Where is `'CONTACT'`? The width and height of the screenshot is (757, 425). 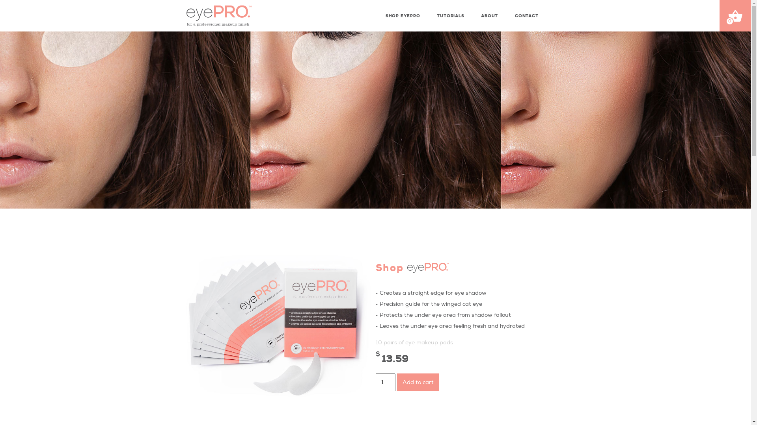
'CONTACT' is located at coordinates (526, 13).